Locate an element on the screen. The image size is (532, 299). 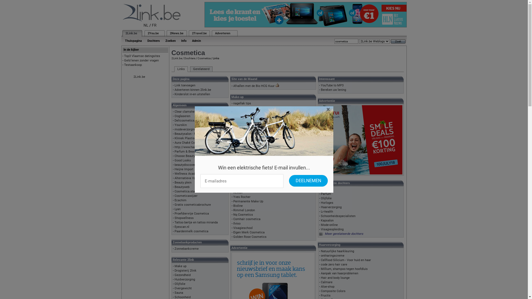
'Testaankoop' is located at coordinates (133, 65).